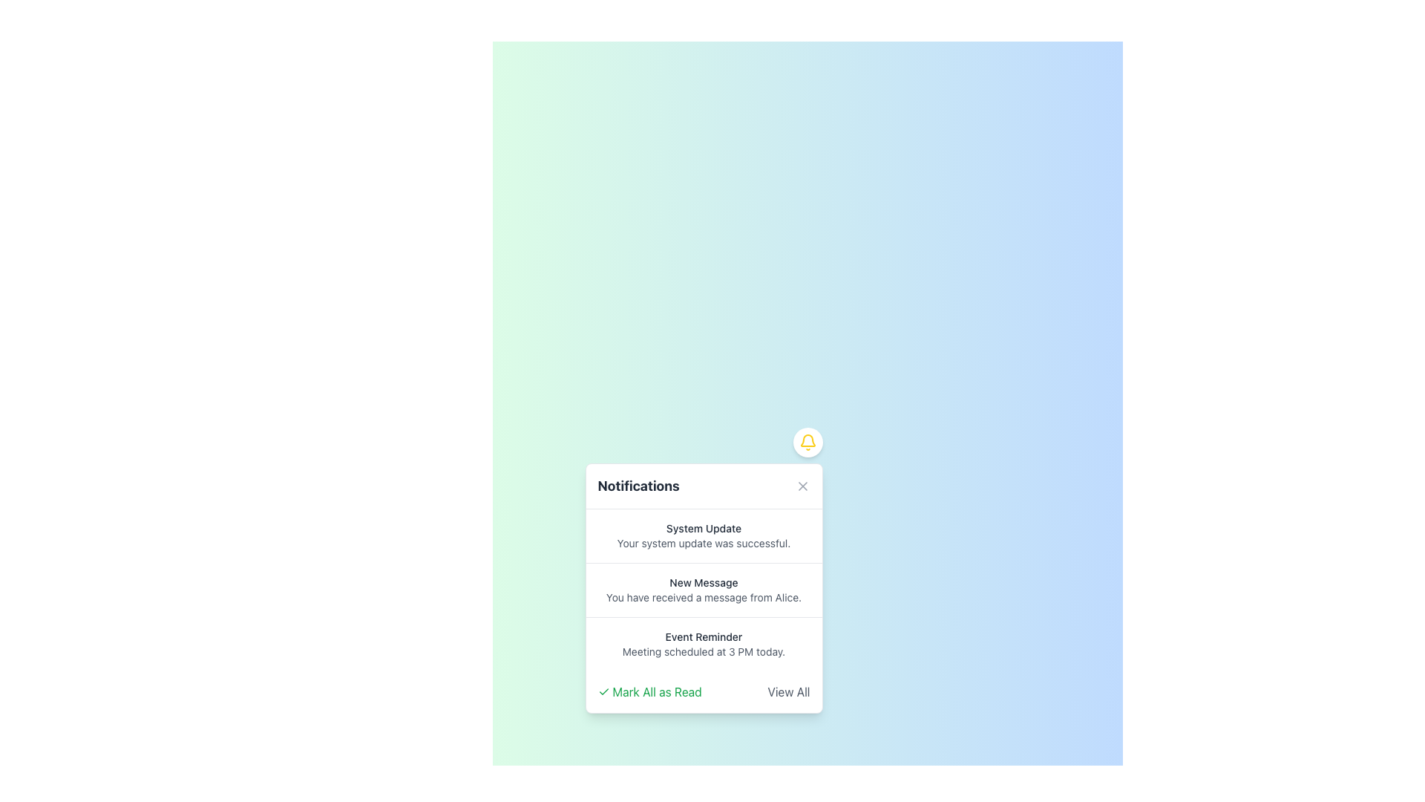 This screenshot has height=802, width=1425. What do you see at coordinates (807, 440) in the screenshot?
I see `the notification bell icon, which is a decorative component representing alerts, located at the top-right corner of the interface above the notifications panel` at bounding box center [807, 440].